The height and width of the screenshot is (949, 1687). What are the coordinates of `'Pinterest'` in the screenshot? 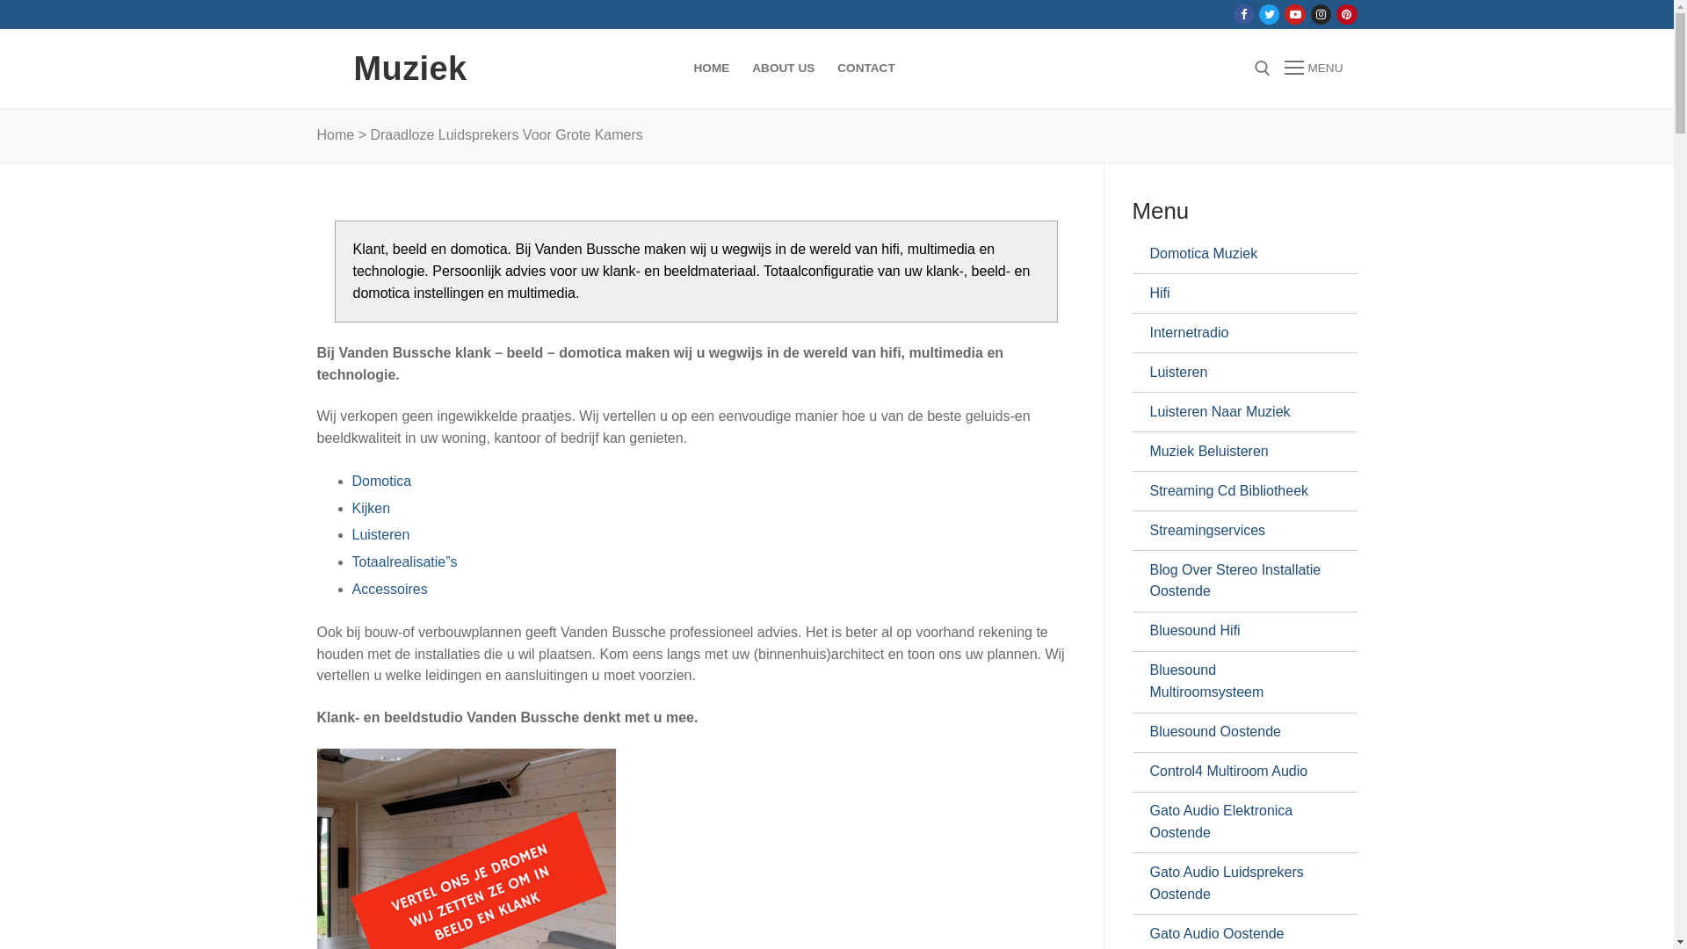 It's located at (1340, 14).